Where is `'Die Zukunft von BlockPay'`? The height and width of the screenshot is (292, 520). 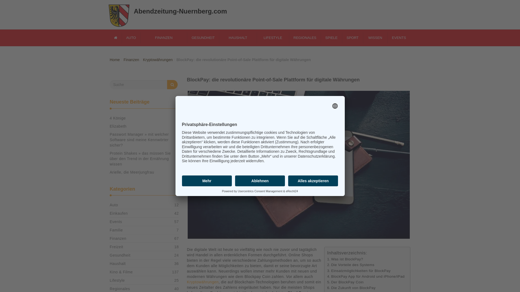
'Die Zukunft von BlockPay' is located at coordinates (349, 287).